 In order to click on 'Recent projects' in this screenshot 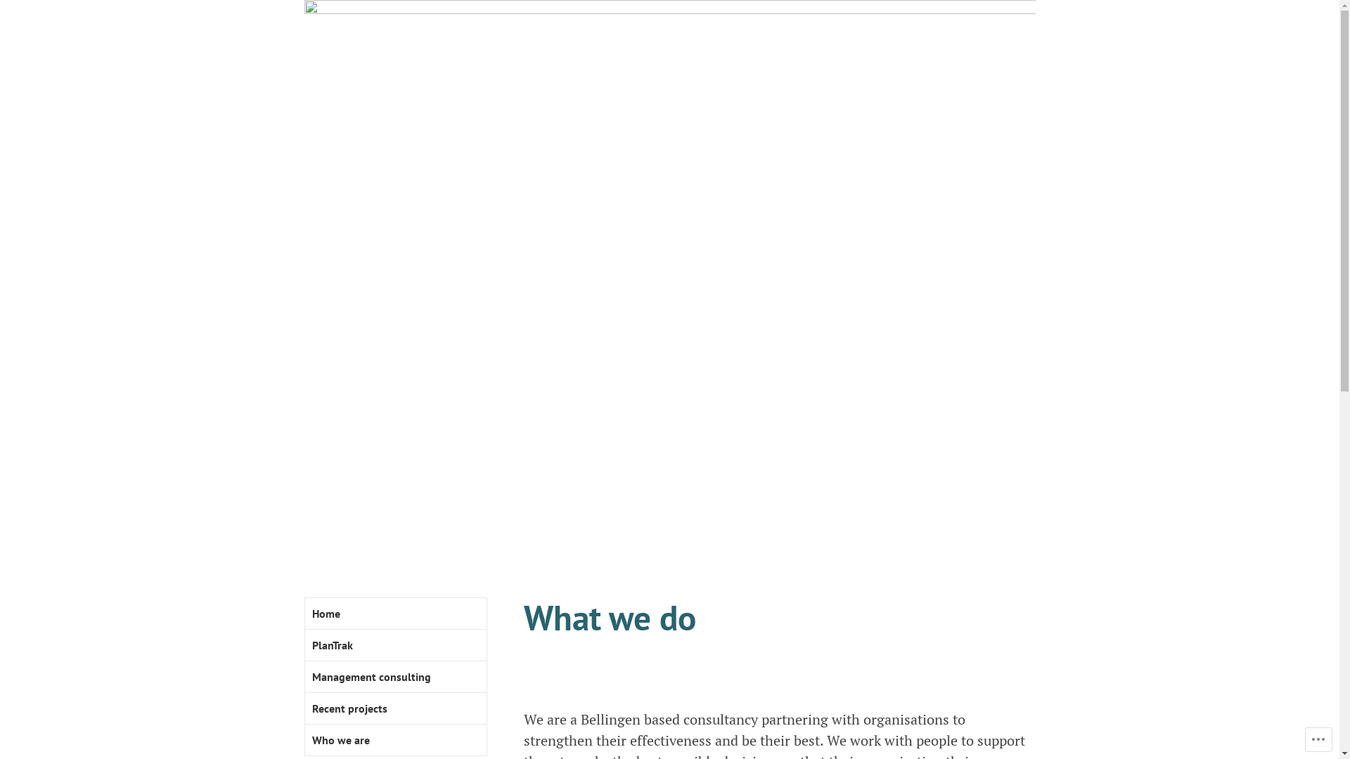, I will do `click(394, 708)`.